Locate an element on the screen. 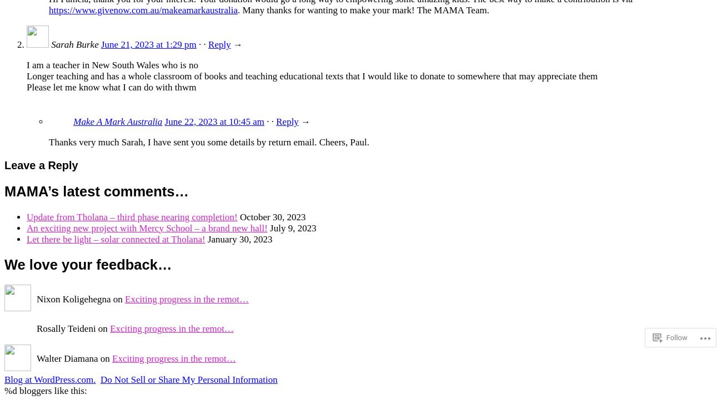 The height and width of the screenshot is (405, 722). 'Rosally Teideni on' is located at coordinates (37, 328).